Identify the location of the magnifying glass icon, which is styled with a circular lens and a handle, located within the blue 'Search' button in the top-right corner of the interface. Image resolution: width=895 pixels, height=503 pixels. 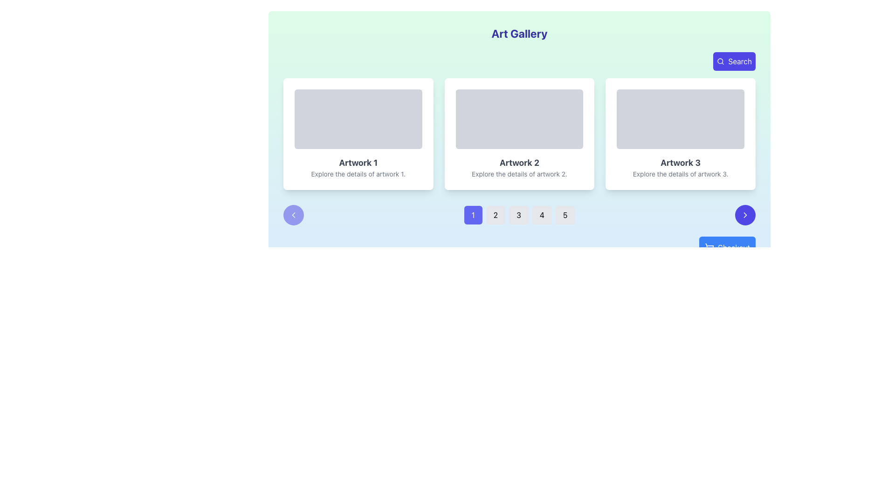
(720, 61).